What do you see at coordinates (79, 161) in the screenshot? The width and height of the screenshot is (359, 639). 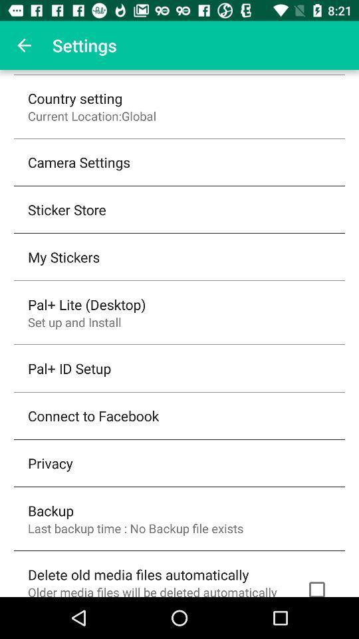 I see `item below current location:global` at bounding box center [79, 161].